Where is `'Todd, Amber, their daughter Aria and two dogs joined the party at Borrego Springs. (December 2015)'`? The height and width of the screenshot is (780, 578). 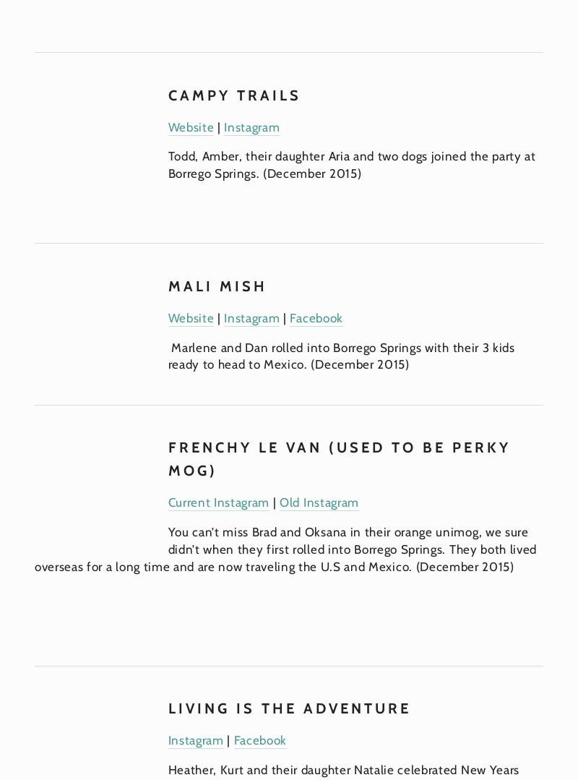 'Todd, Amber, their daughter Aria and two dogs joined the party at Borrego Springs. (December 2015)' is located at coordinates (353, 163).